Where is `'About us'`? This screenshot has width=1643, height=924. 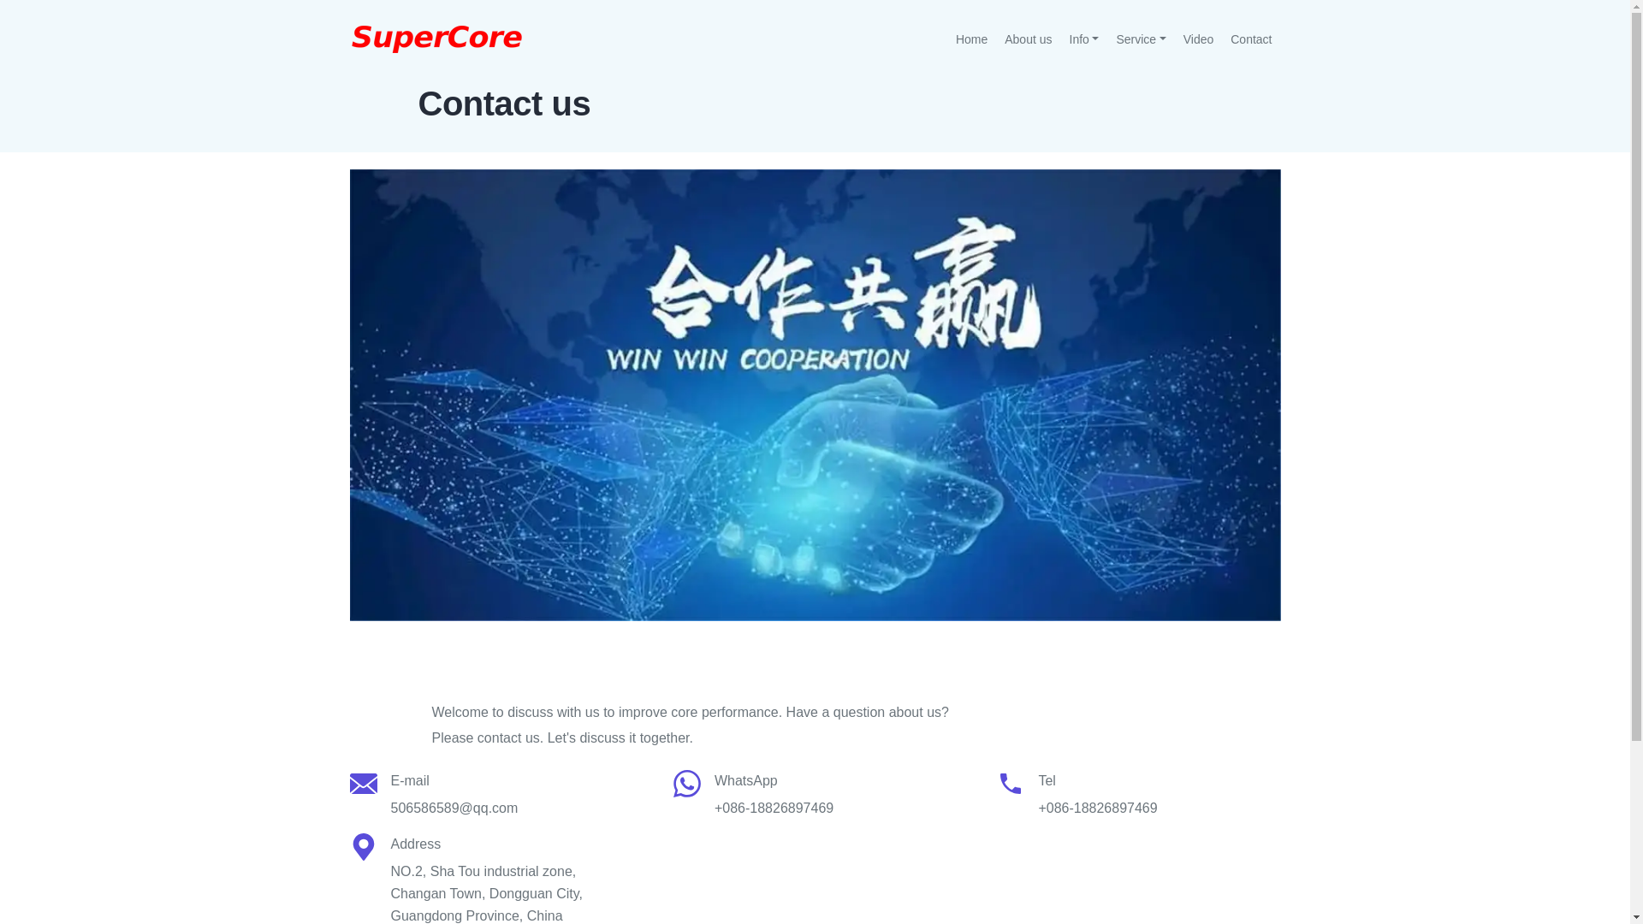 'About us' is located at coordinates (1027, 38).